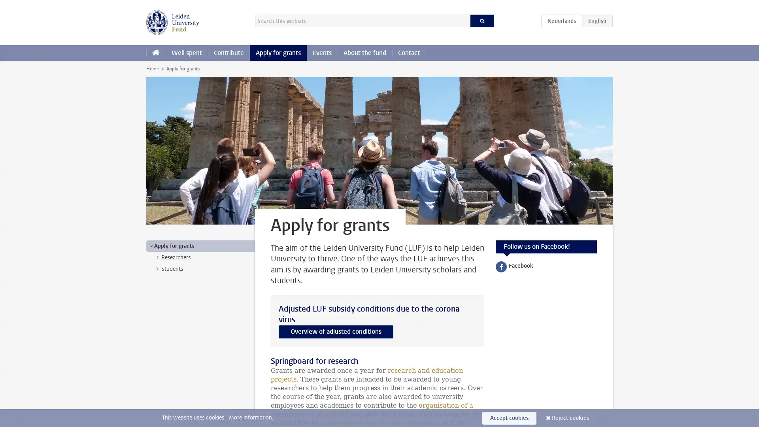 The image size is (759, 427). I want to click on >, so click(157, 257).